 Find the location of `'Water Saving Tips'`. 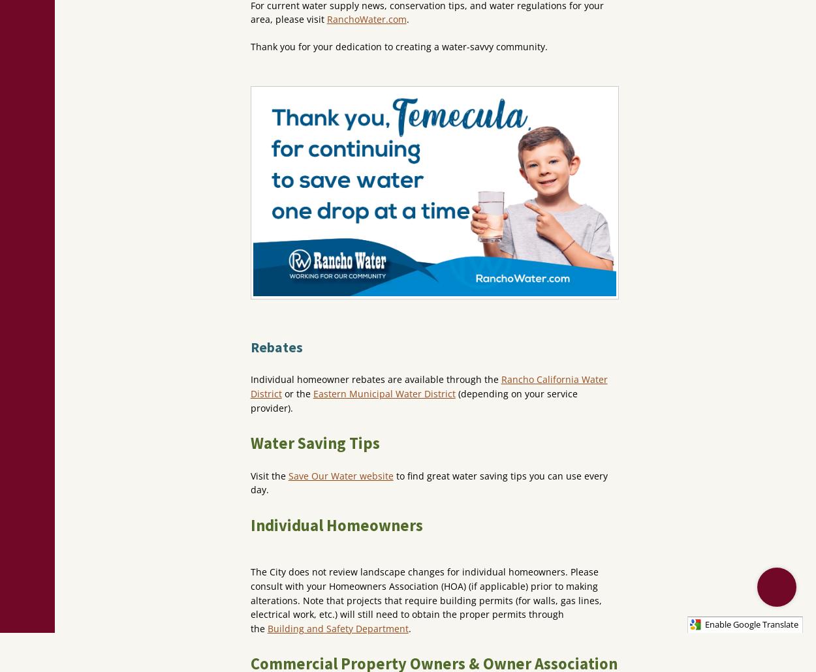

'Water Saving Tips' is located at coordinates (250, 442).